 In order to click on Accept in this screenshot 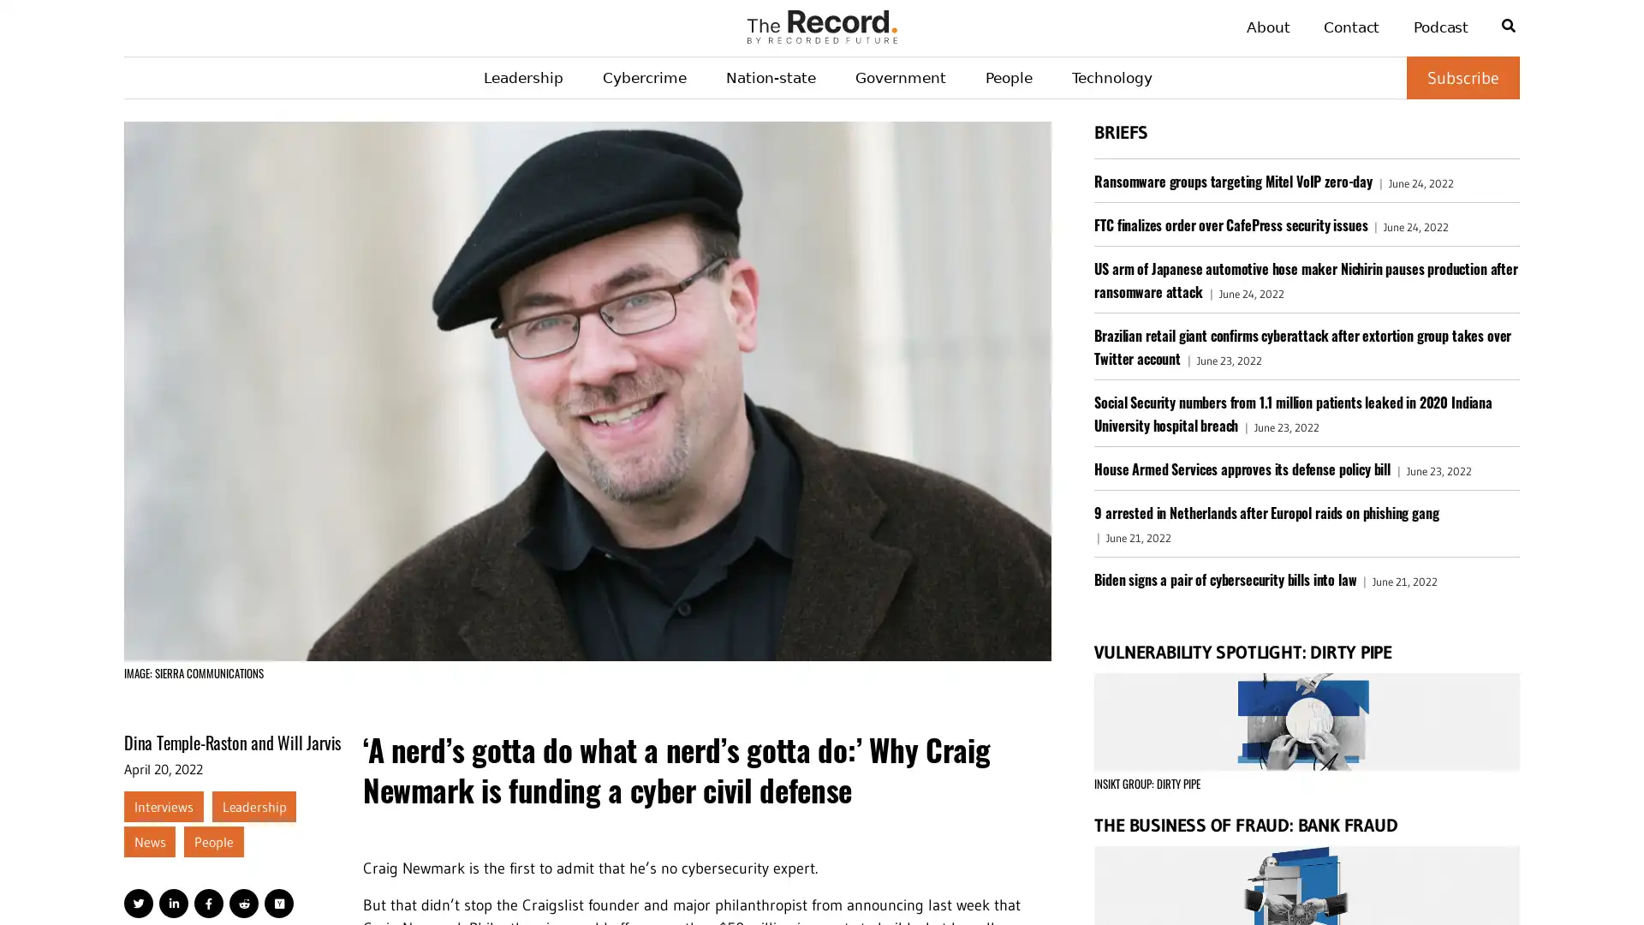, I will do `click(1584, 882)`.